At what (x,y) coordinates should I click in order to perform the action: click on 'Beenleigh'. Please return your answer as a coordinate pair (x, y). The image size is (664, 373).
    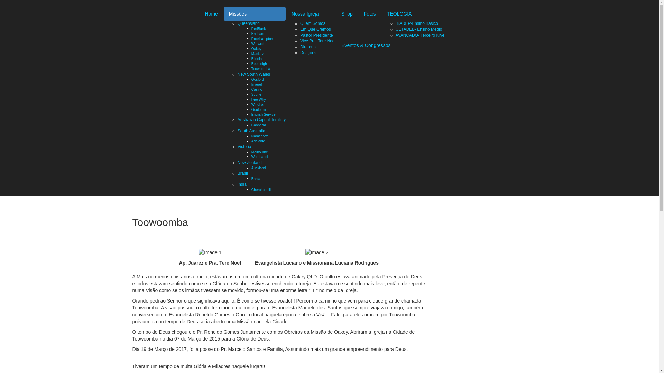
    Looking at the image, I should click on (259, 64).